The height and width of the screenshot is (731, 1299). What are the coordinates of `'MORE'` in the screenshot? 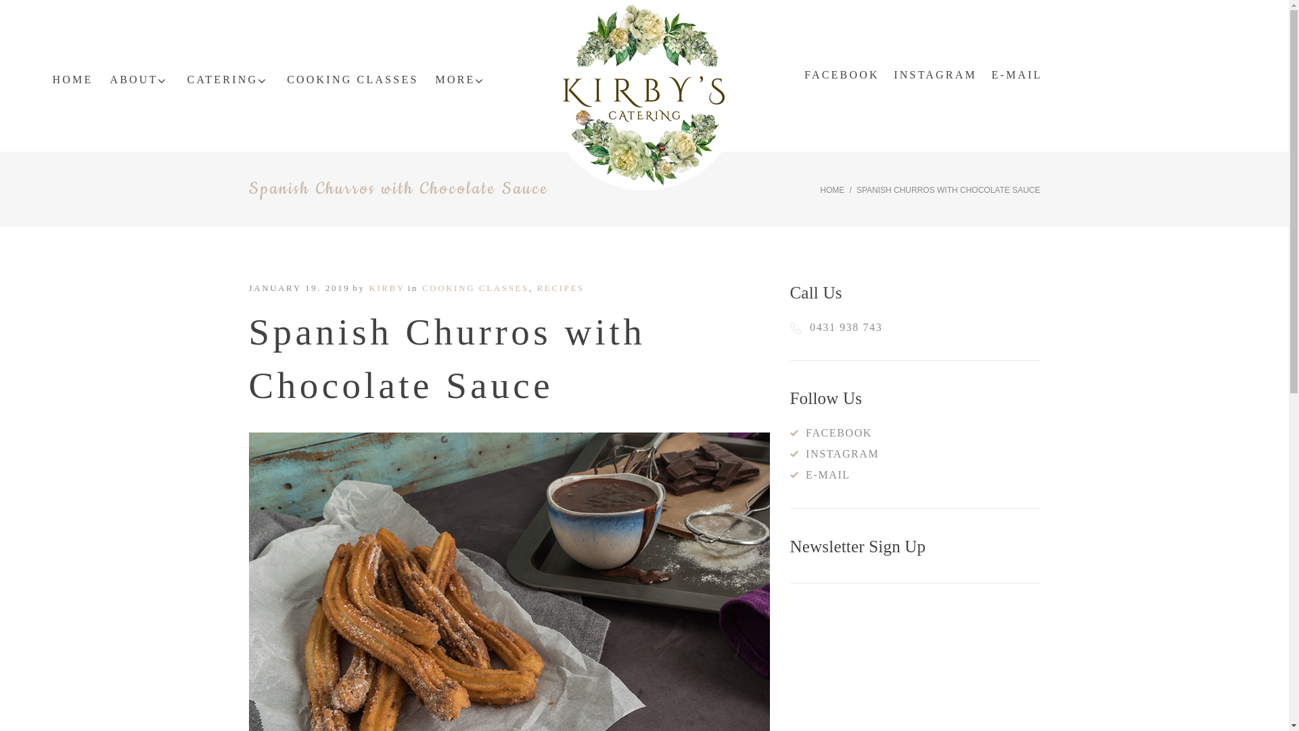 It's located at (435, 80).